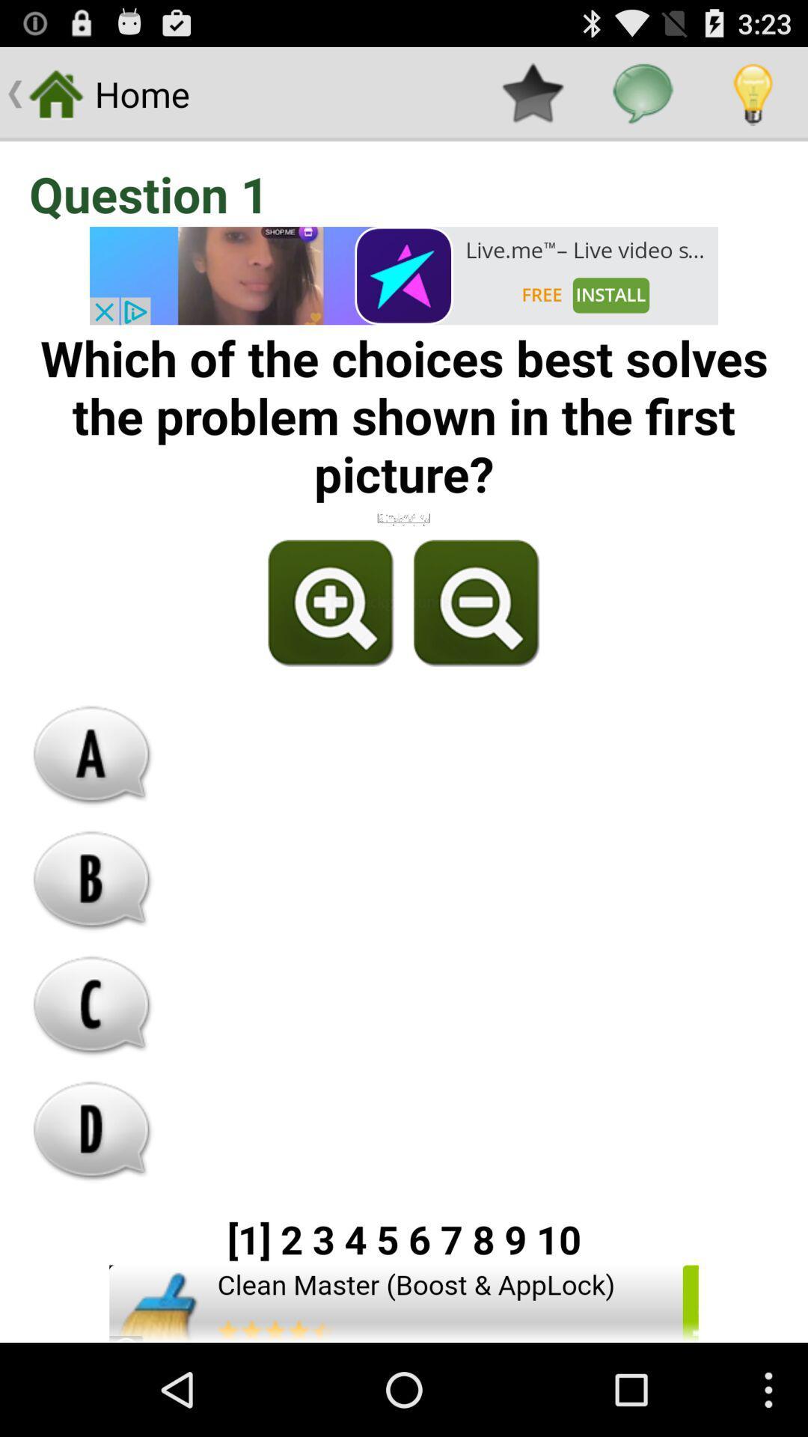  What do you see at coordinates (92, 1076) in the screenshot?
I see `the call icon` at bounding box center [92, 1076].